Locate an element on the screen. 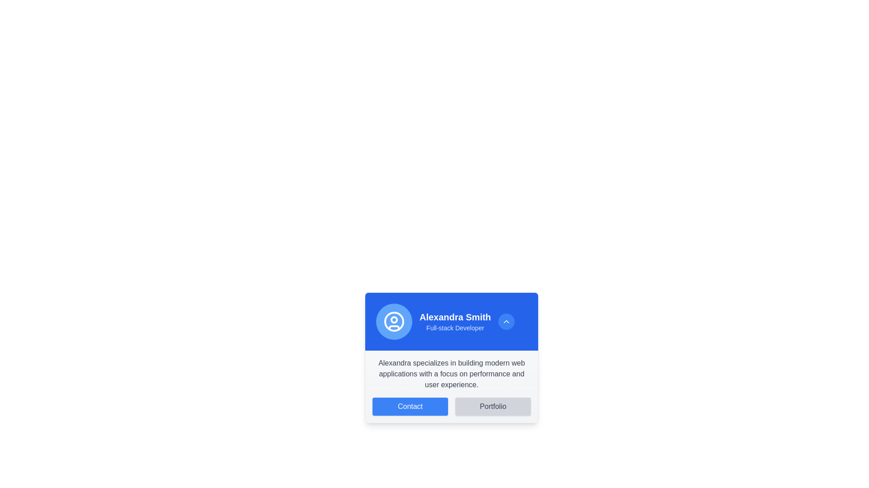 The width and height of the screenshot is (869, 488). the text label displaying 'Alexandra Smith' in bold white text on a blue background is located at coordinates (455, 317).